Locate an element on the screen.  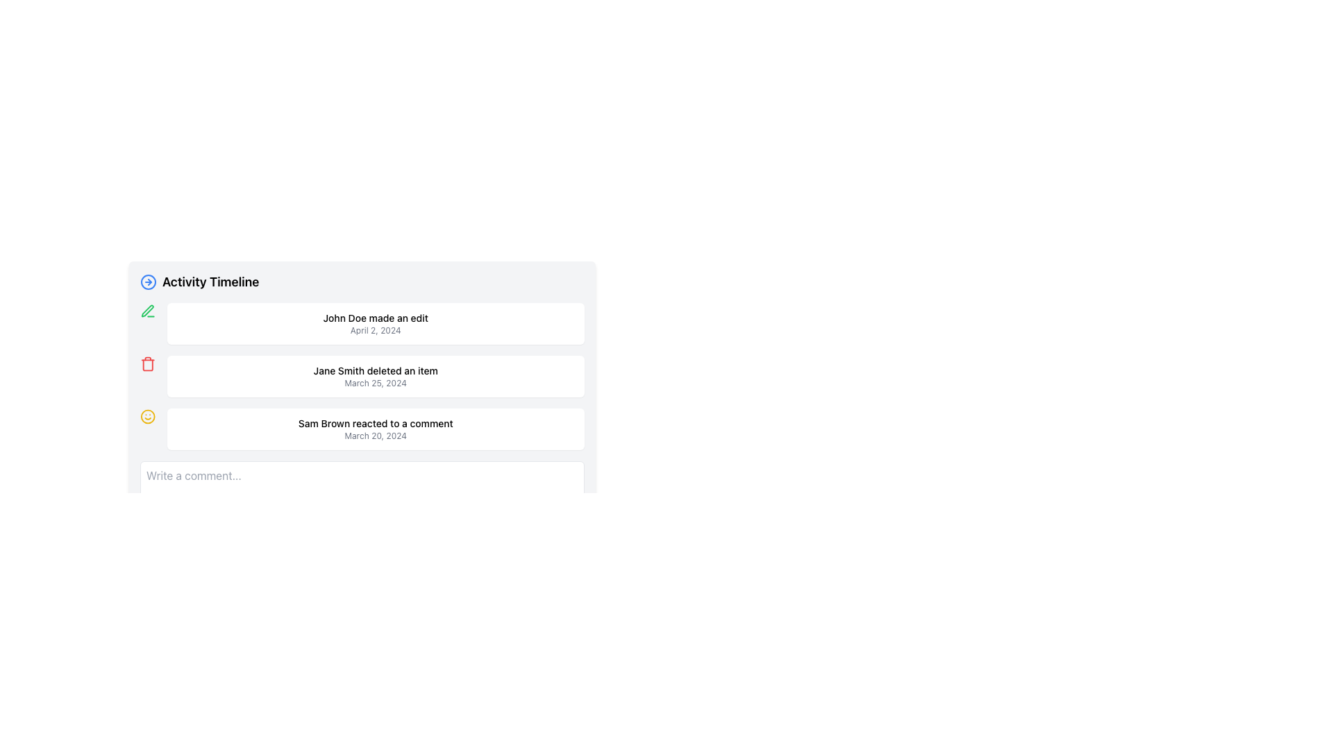
the pen icon representing the edit functionality located at the top-left of the first activity item in the timeline interface is located at coordinates (147, 310).